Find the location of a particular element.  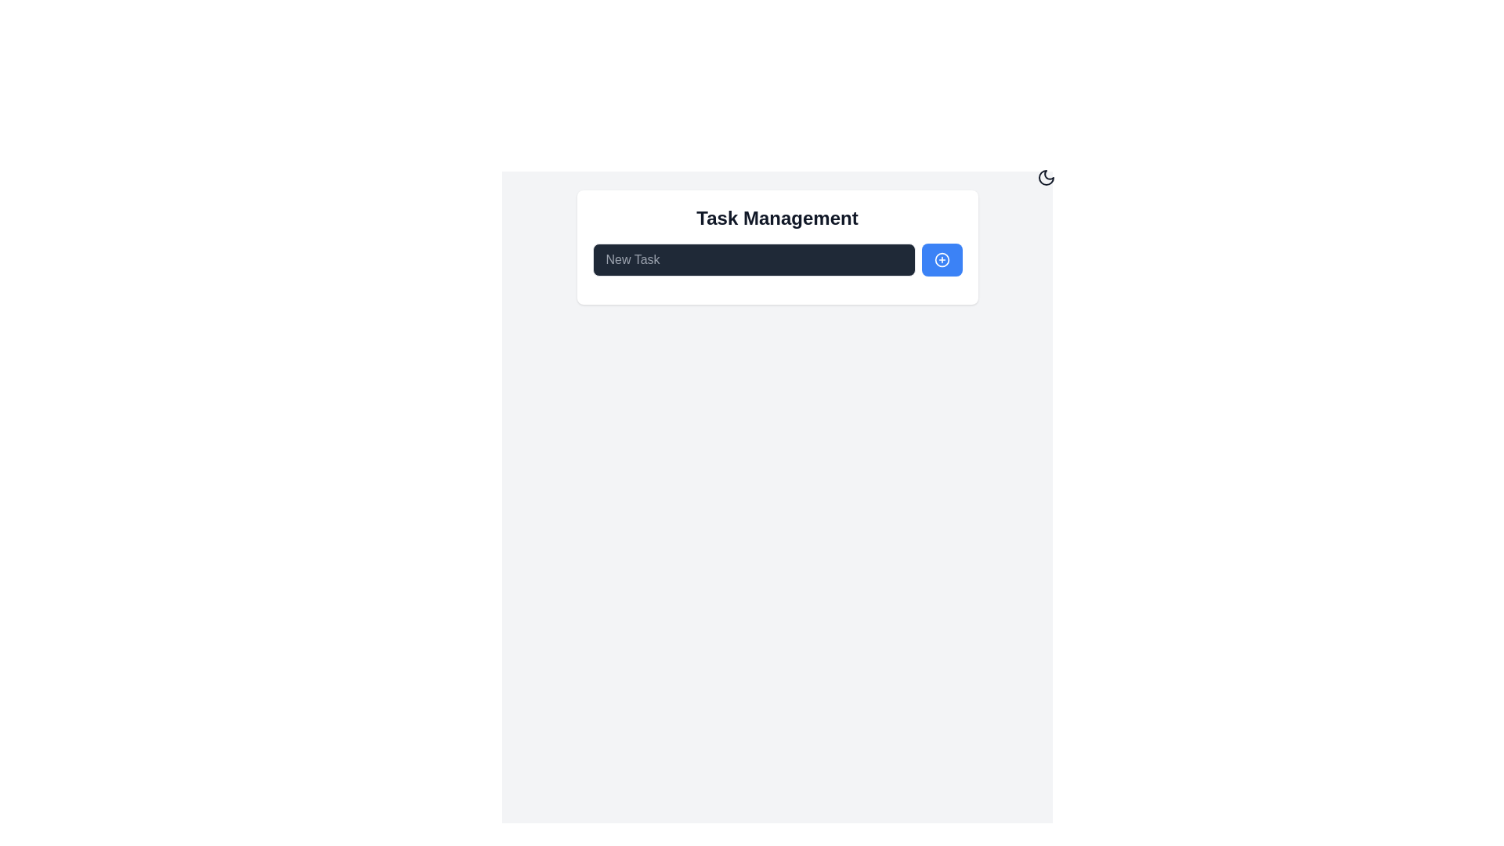

the rounded rectangular text input field with placeholder text 'New Task' is located at coordinates (754, 258).